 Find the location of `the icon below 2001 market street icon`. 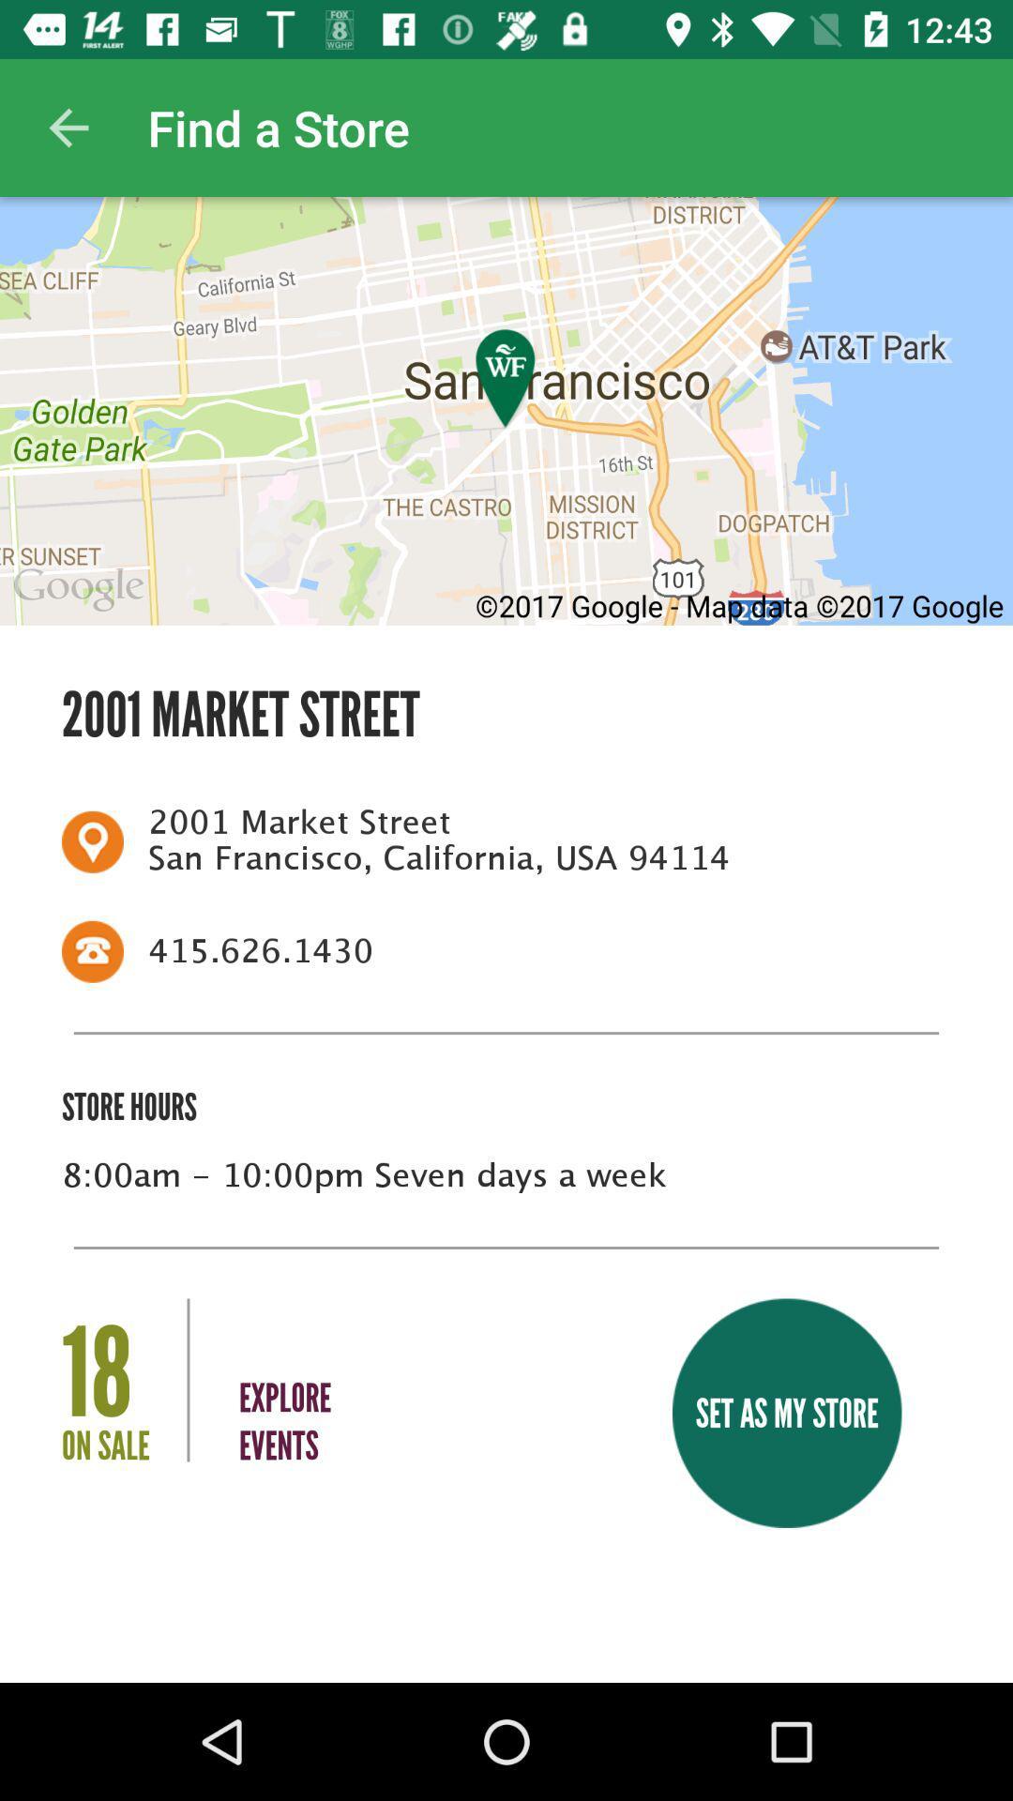

the icon below 2001 market street icon is located at coordinates (537, 951).